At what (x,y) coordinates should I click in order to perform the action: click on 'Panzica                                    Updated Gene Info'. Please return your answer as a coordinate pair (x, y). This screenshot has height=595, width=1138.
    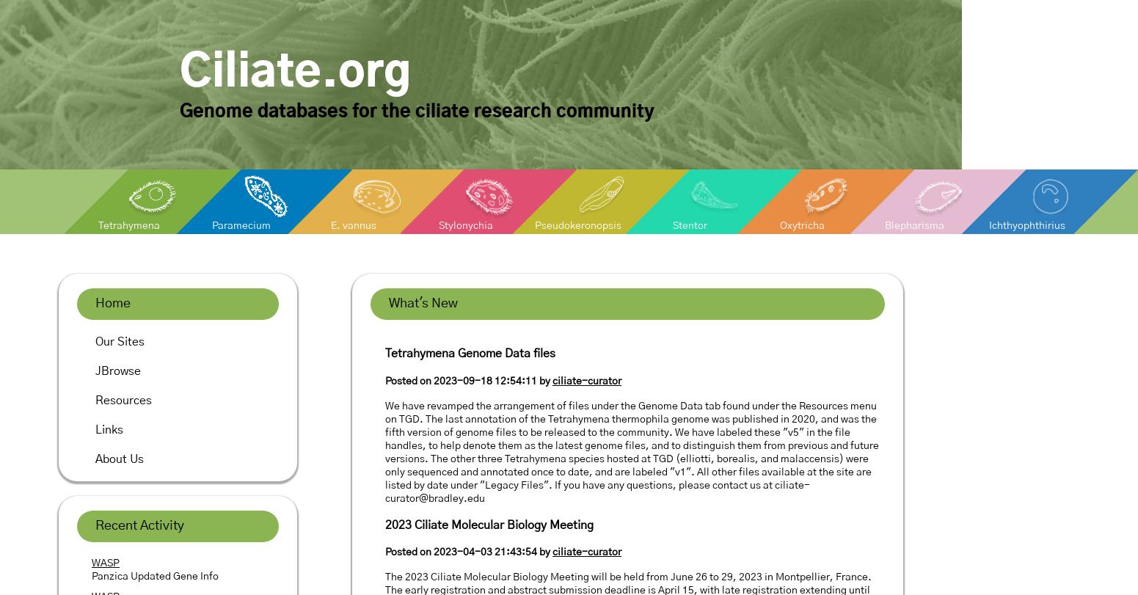
    Looking at the image, I should click on (154, 576).